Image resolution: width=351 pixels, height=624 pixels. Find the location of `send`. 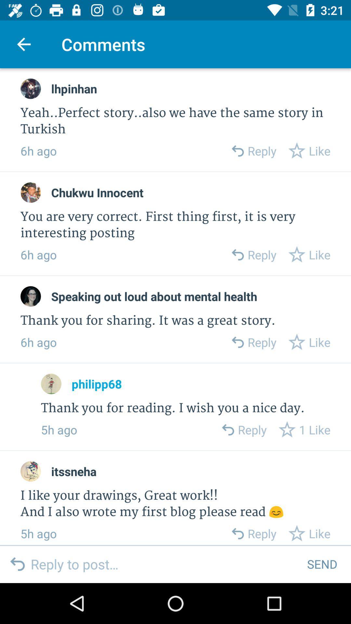

send is located at coordinates (322, 564).